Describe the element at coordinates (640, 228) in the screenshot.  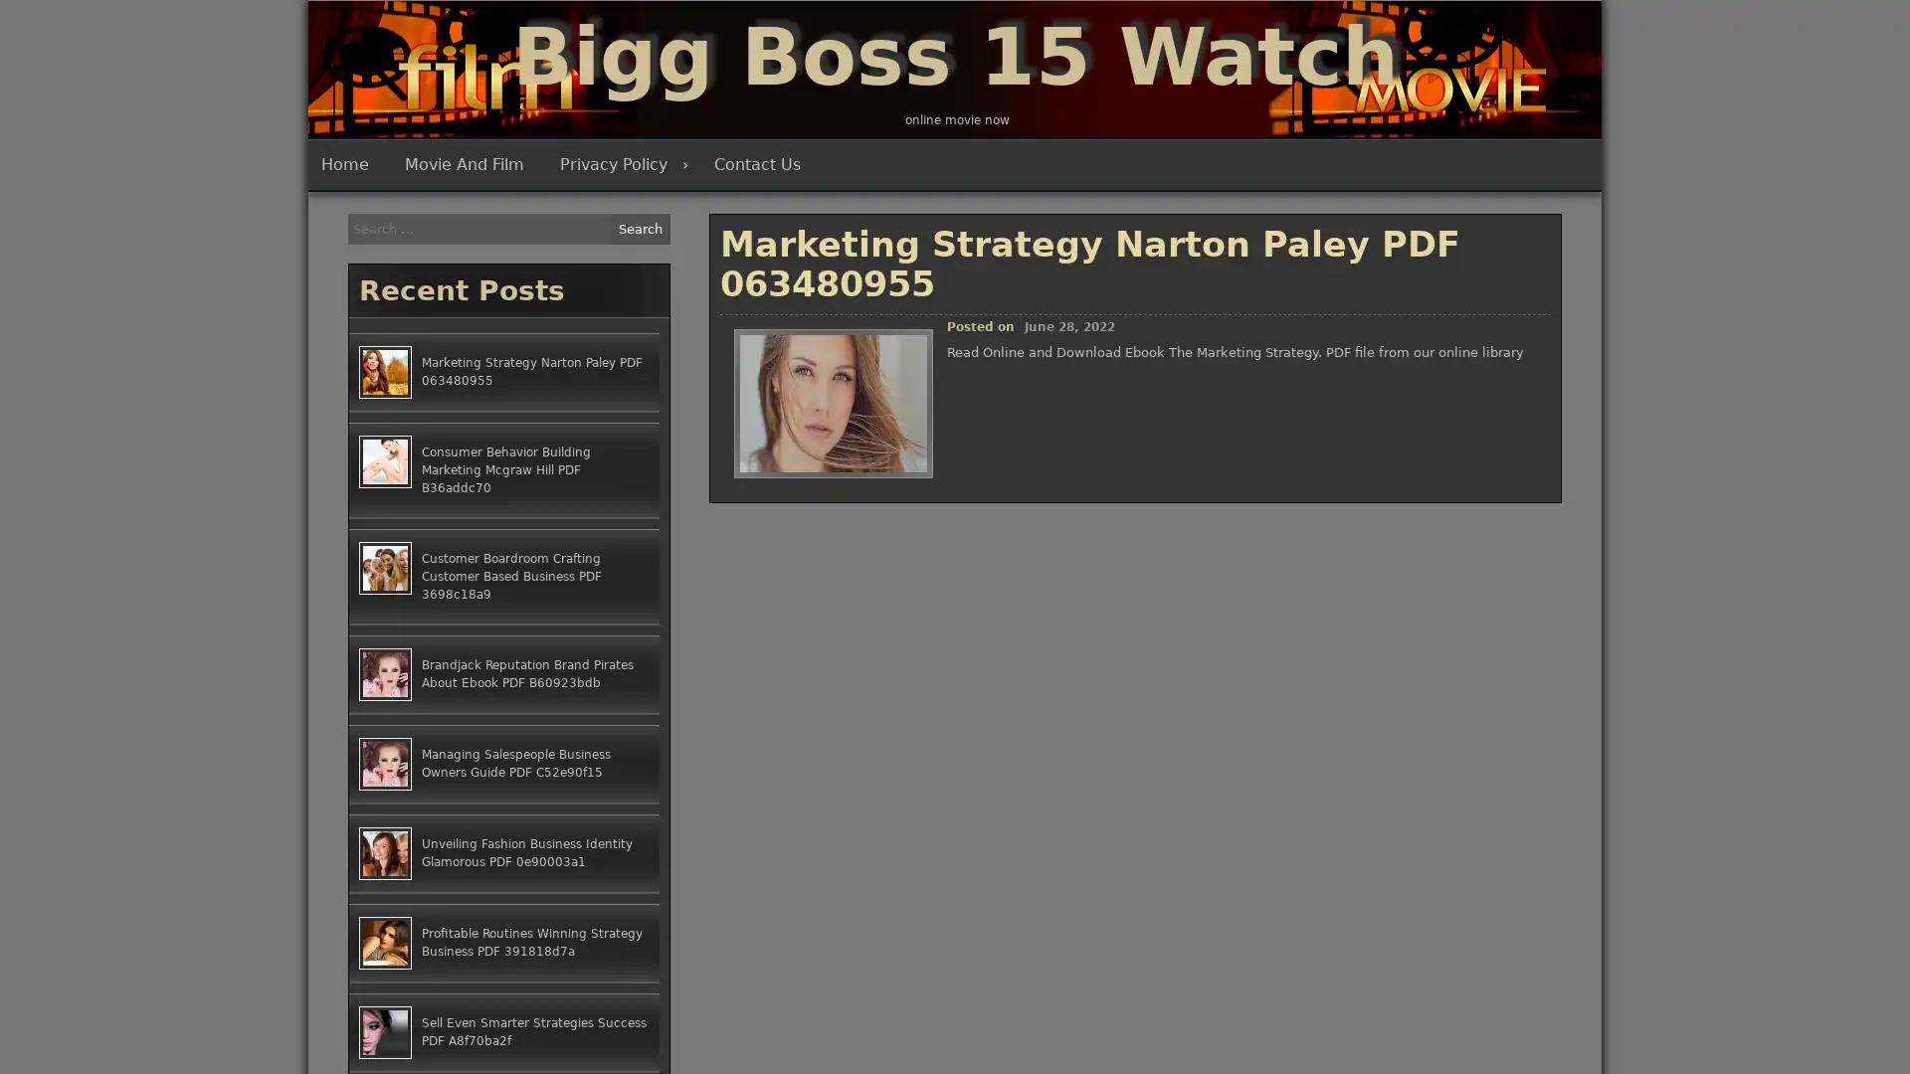
I see `Search` at that location.